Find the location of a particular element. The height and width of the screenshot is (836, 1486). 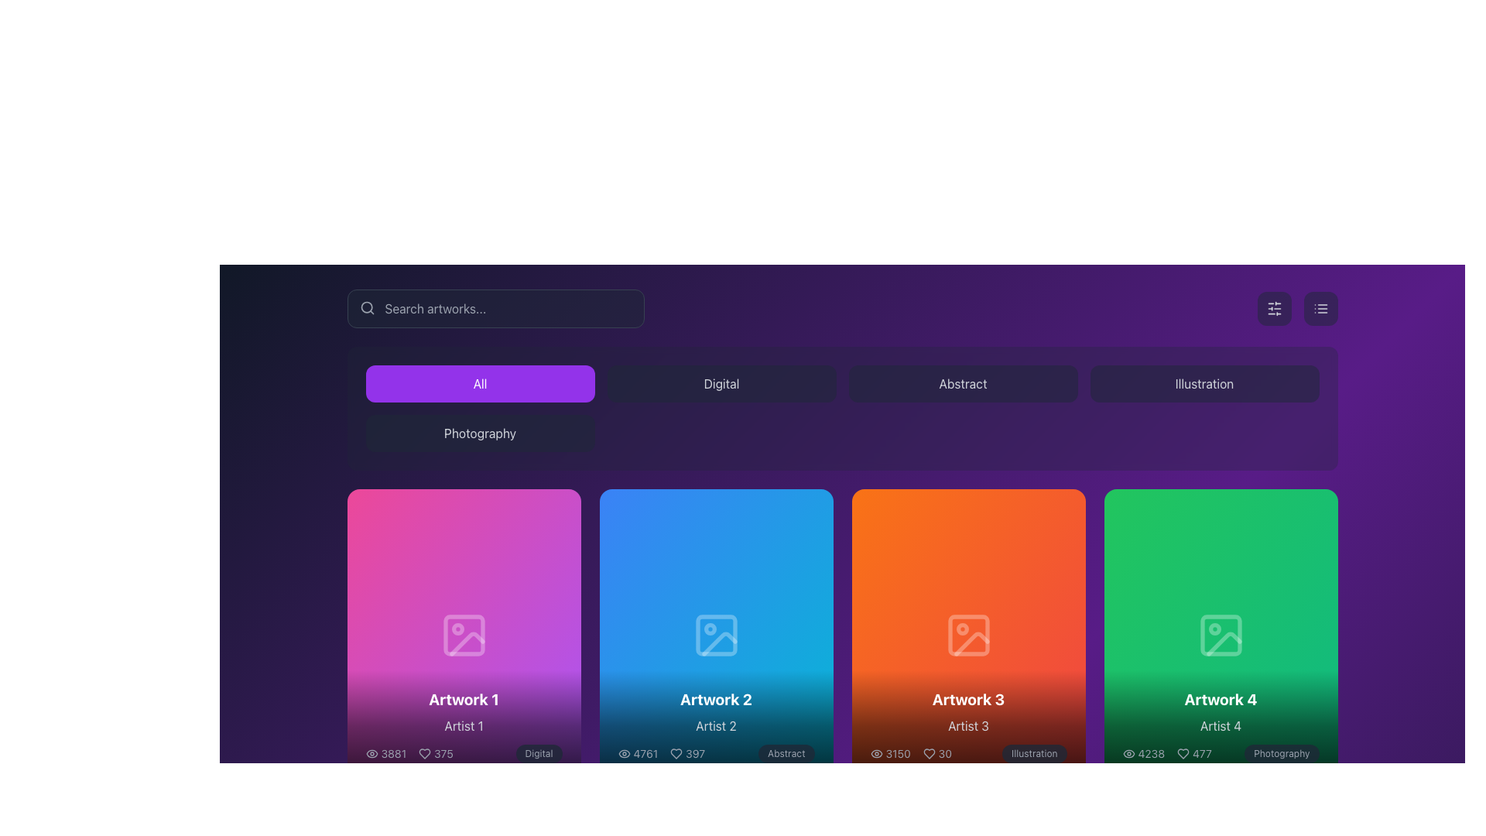

the heart icon under the main image and artist name of 'Artwork 4' to like or unlike it is located at coordinates (1183, 752).